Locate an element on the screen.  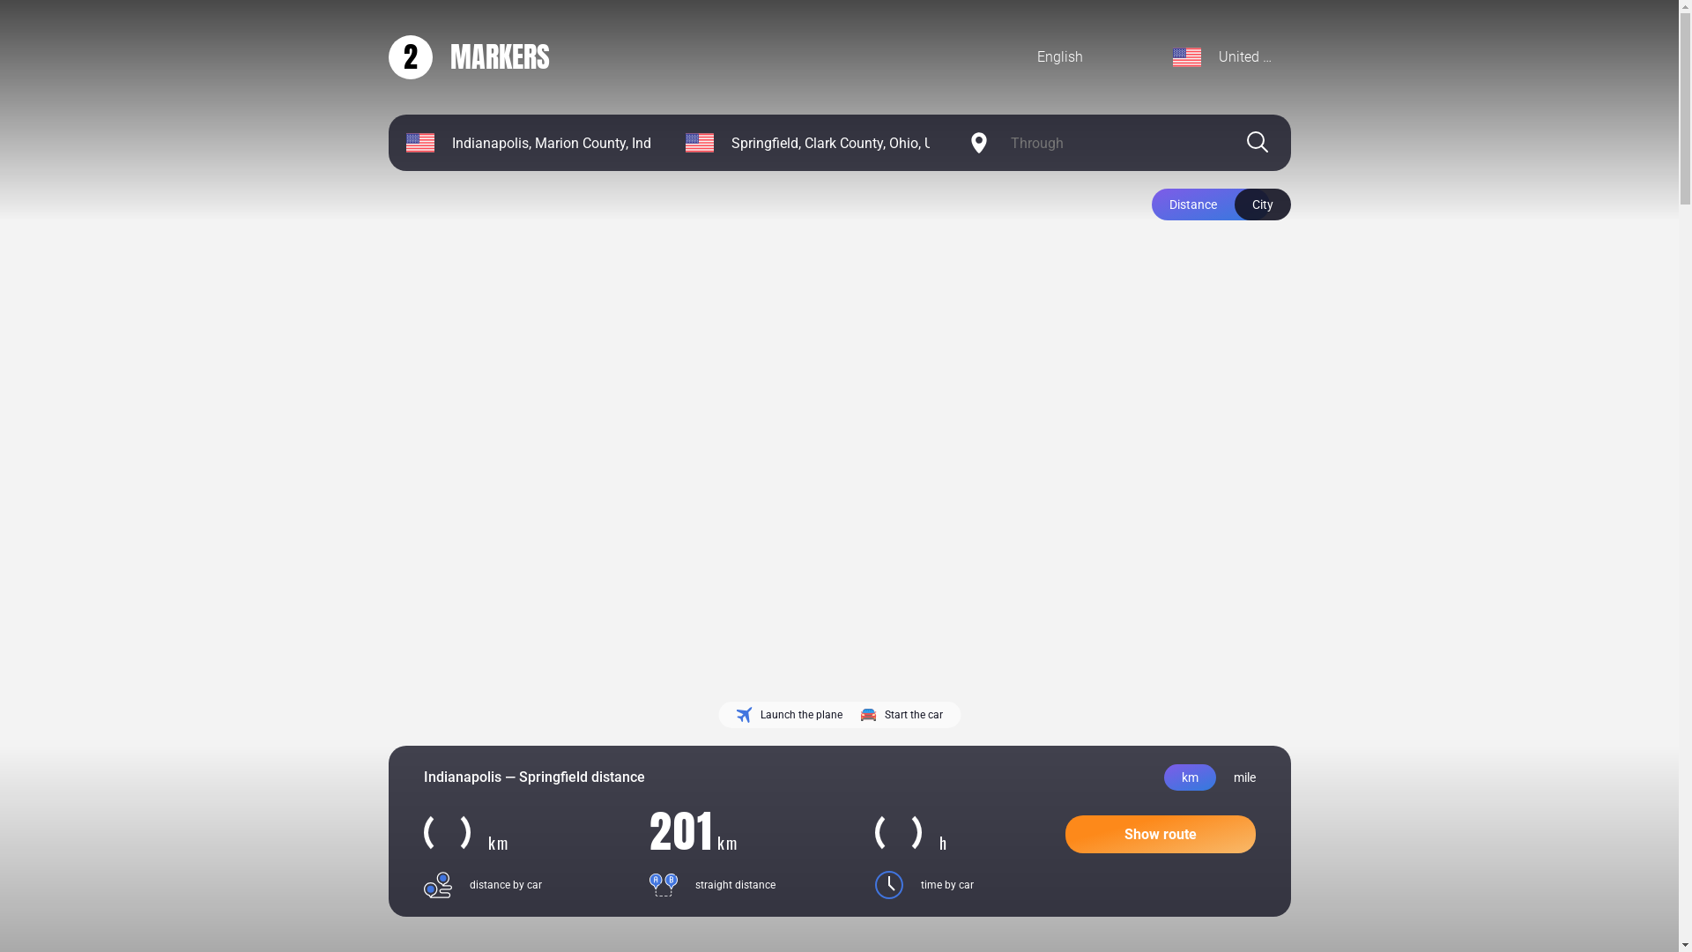
'Start the car' is located at coordinates (901, 714).